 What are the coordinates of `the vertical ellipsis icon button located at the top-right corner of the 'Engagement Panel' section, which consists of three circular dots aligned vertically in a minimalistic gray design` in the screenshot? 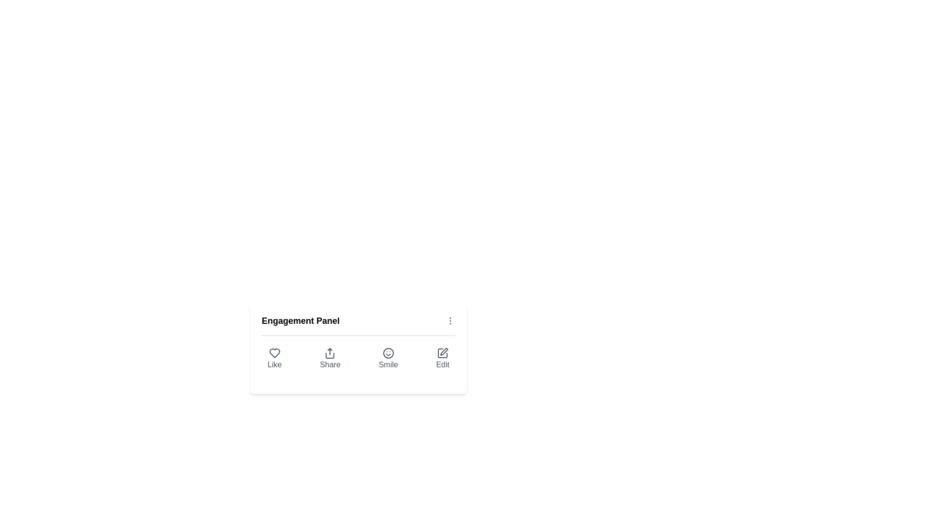 It's located at (450, 320).